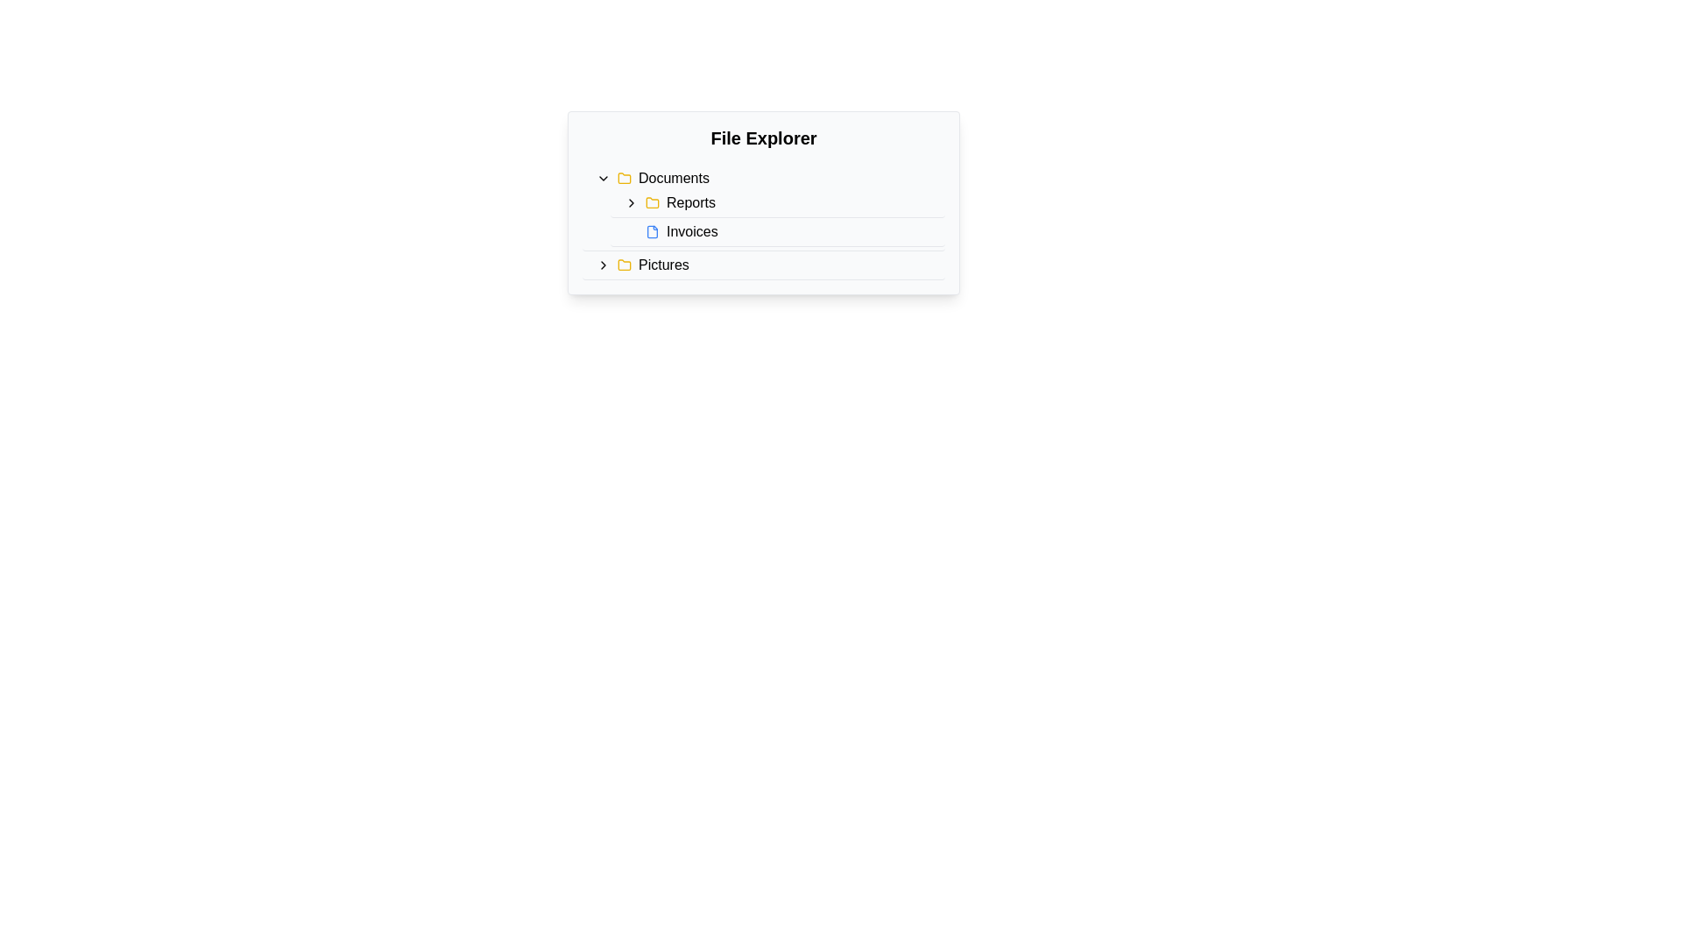 This screenshot has height=946, width=1682. Describe the element at coordinates (764, 265) in the screenshot. I see `the fourth folder item in the file explorer, which is located below the 'Invoices' item` at that location.